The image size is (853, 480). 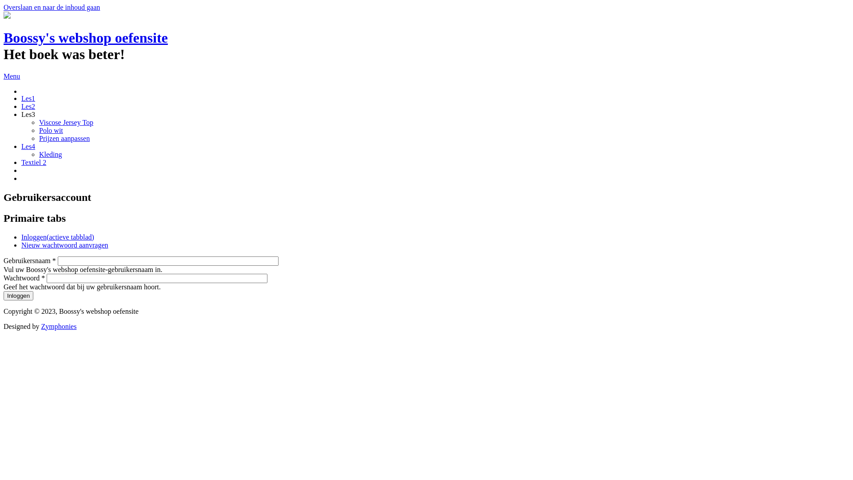 I want to click on 'Inloggen(actieve tabblad)', so click(x=57, y=236).